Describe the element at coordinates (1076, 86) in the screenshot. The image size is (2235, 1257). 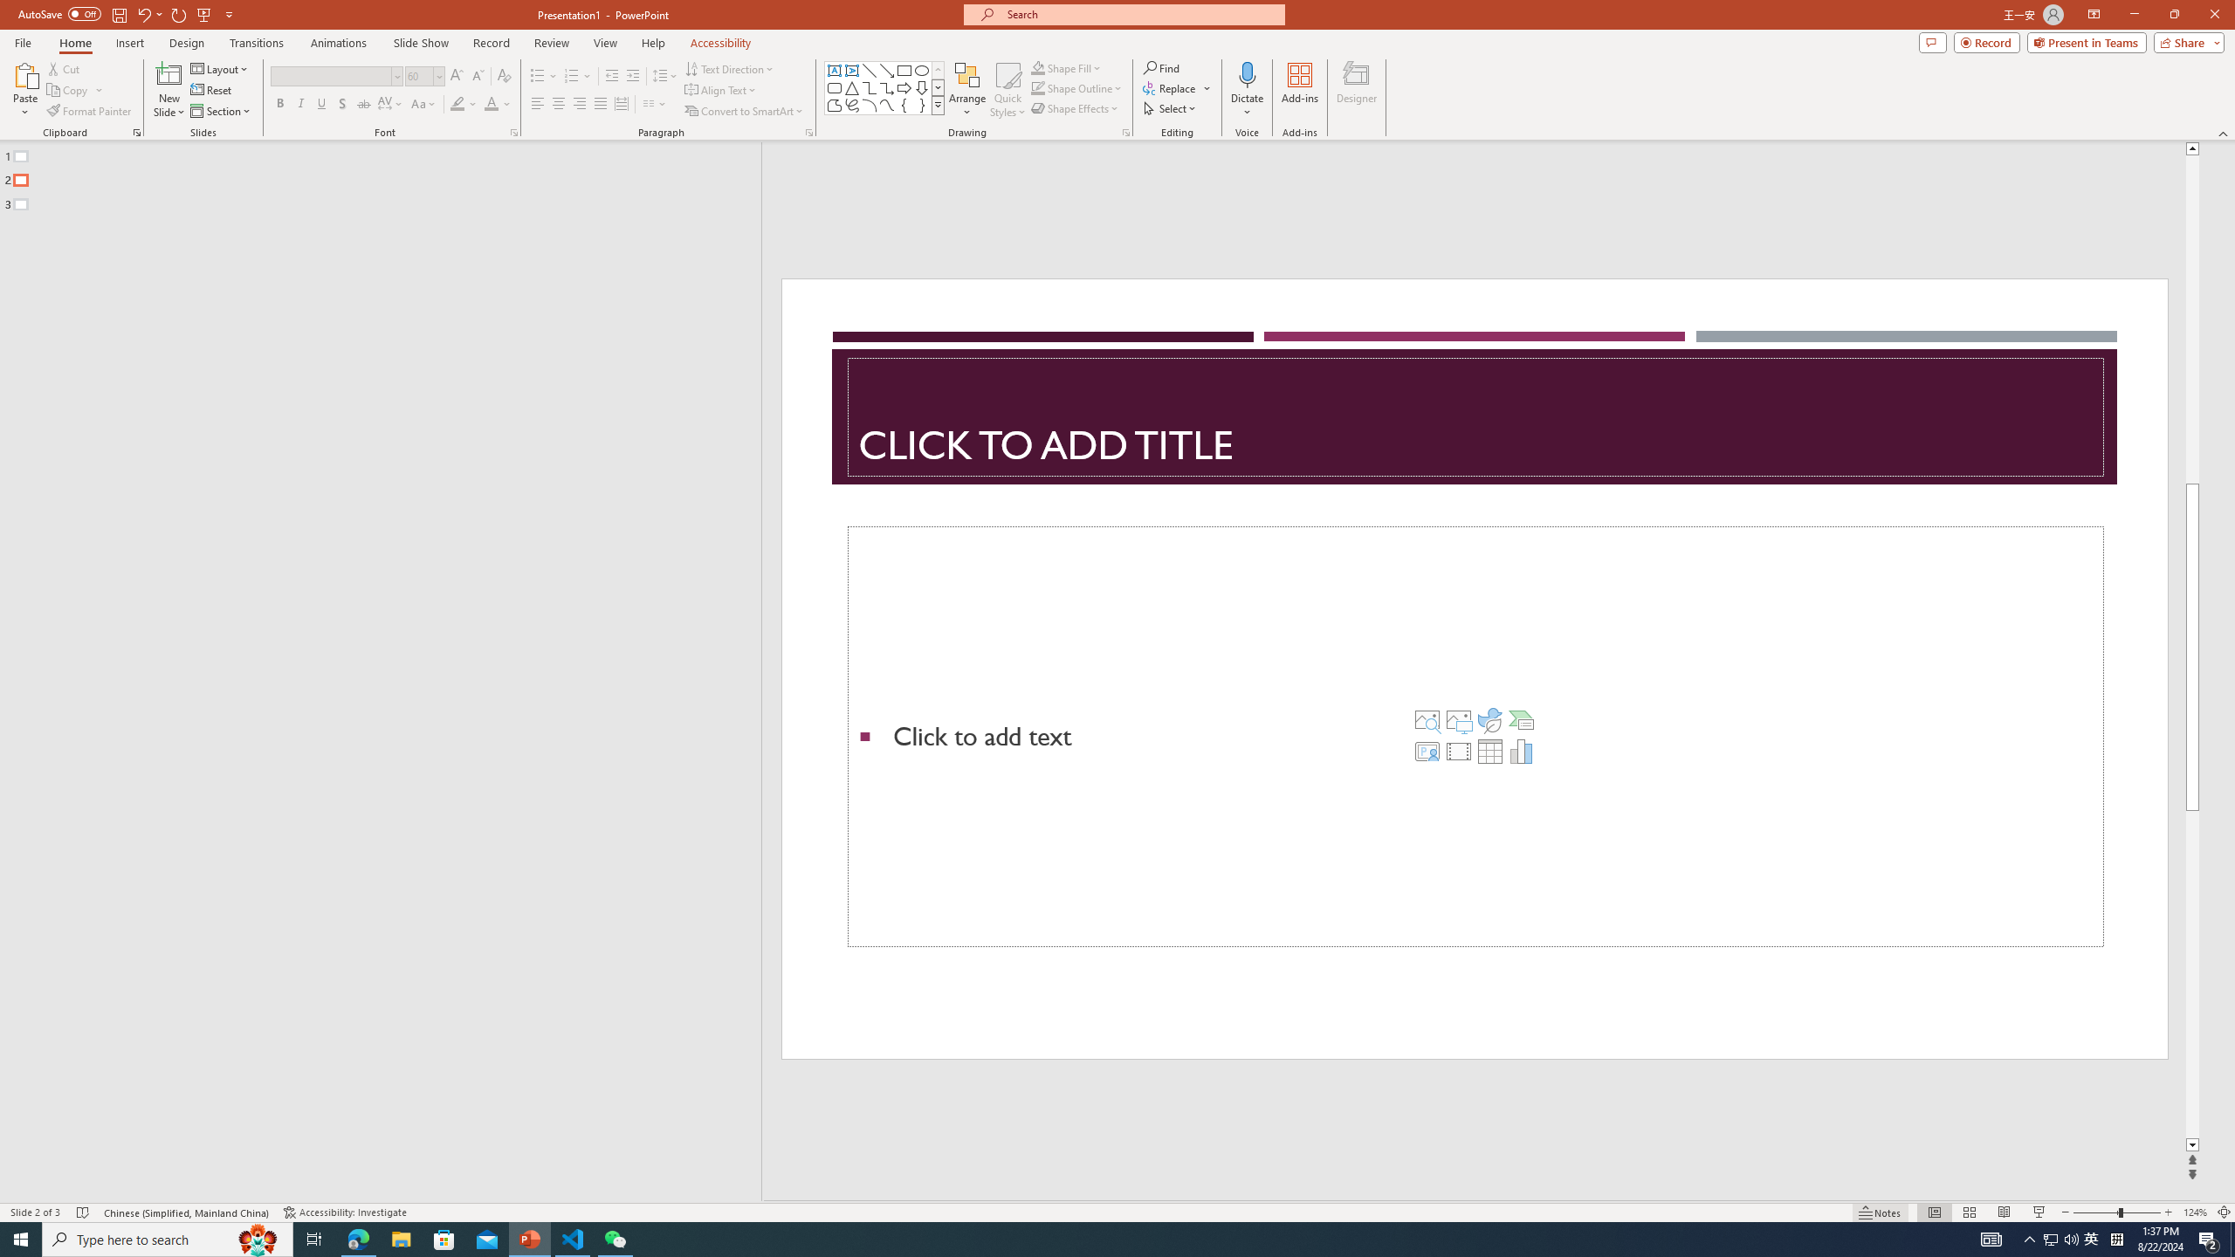
I see `'Shape Outline'` at that location.